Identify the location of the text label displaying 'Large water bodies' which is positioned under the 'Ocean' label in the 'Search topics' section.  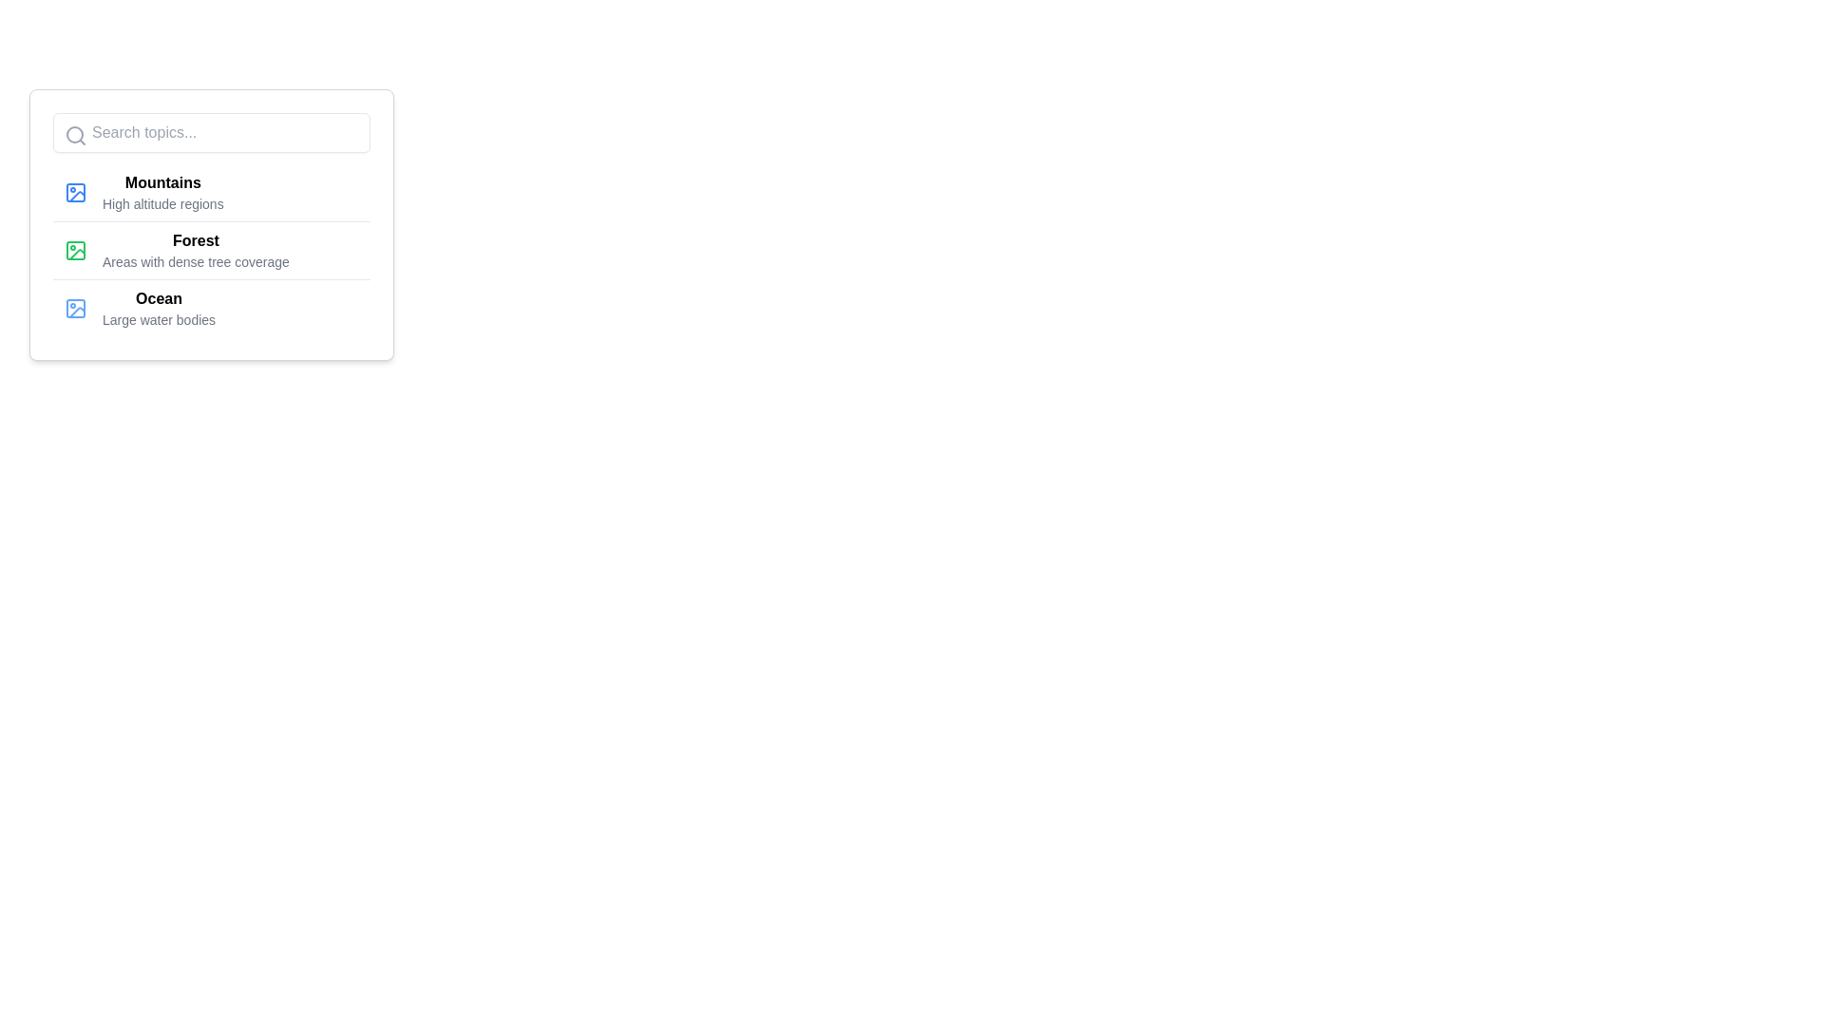
(159, 318).